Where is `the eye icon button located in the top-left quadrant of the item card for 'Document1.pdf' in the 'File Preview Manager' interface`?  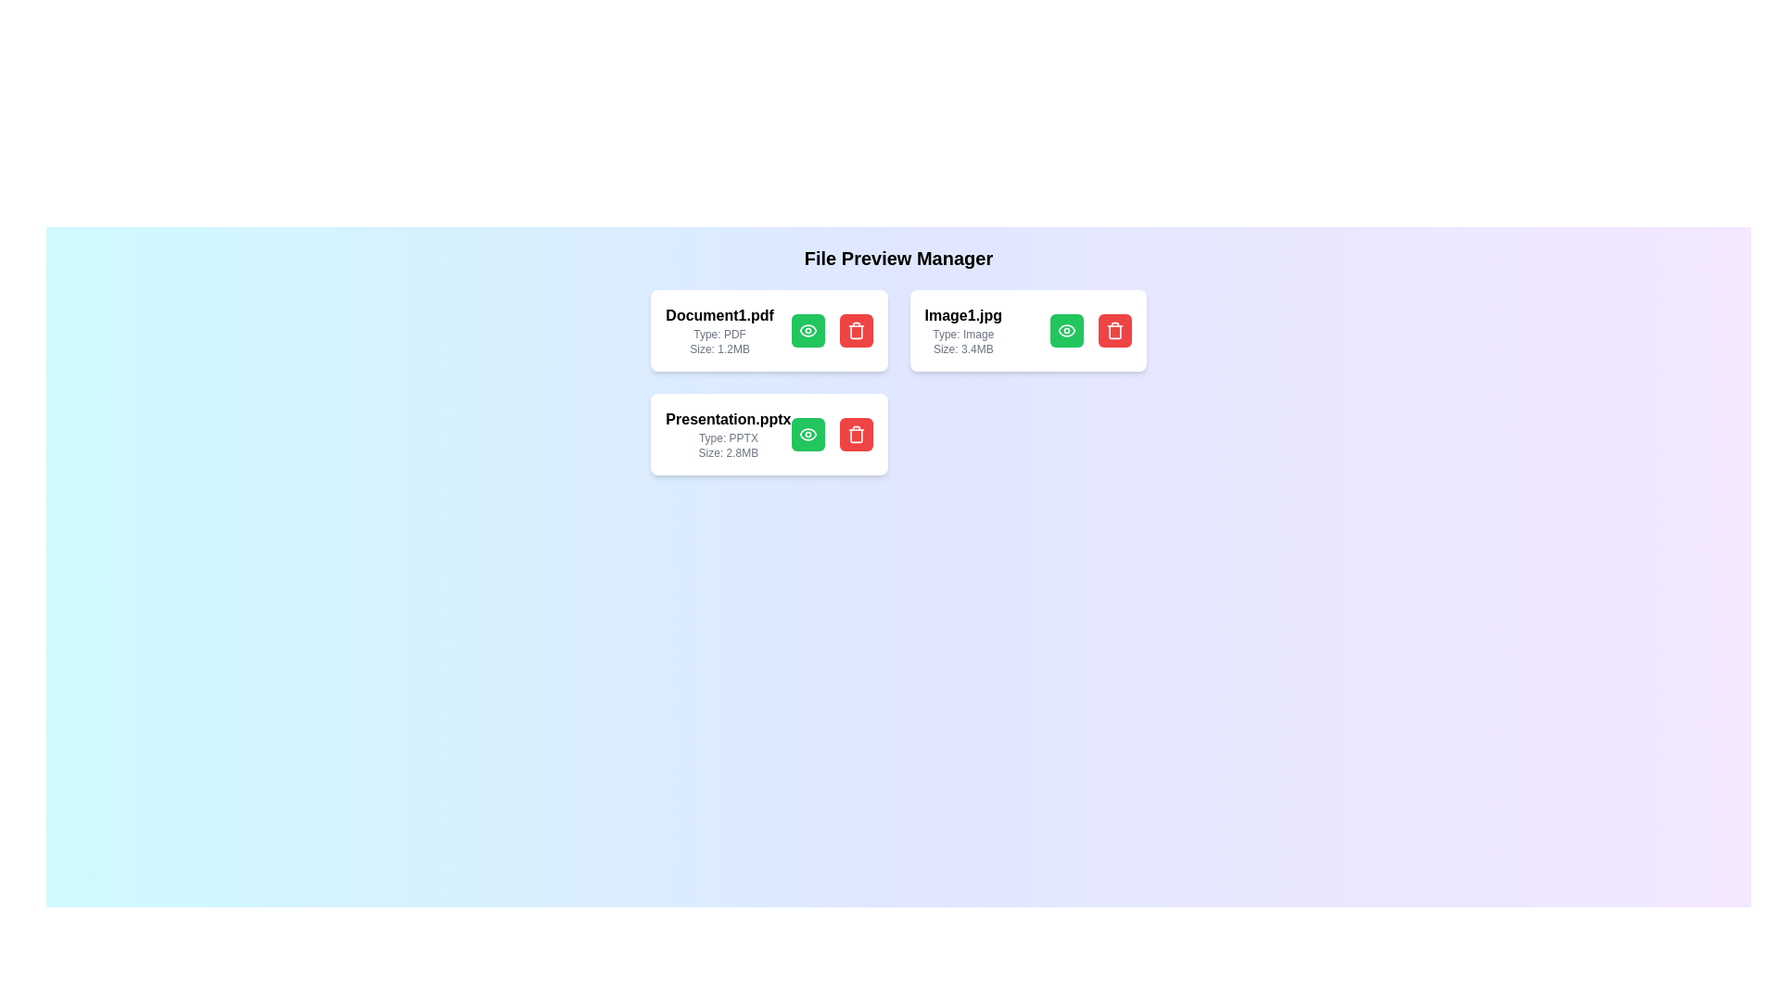 the eye icon button located in the top-left quadrant of the item card for 'Document1.pdf' in the 'File Preview Manager' interface is located at coordinates (807, 330).